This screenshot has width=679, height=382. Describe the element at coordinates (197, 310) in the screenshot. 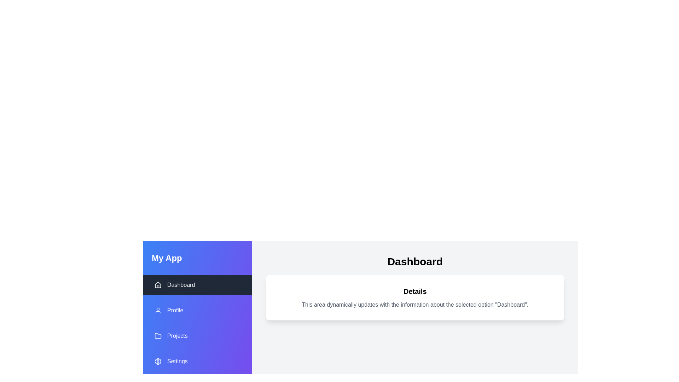

I see `the menu item Profile` at that location.